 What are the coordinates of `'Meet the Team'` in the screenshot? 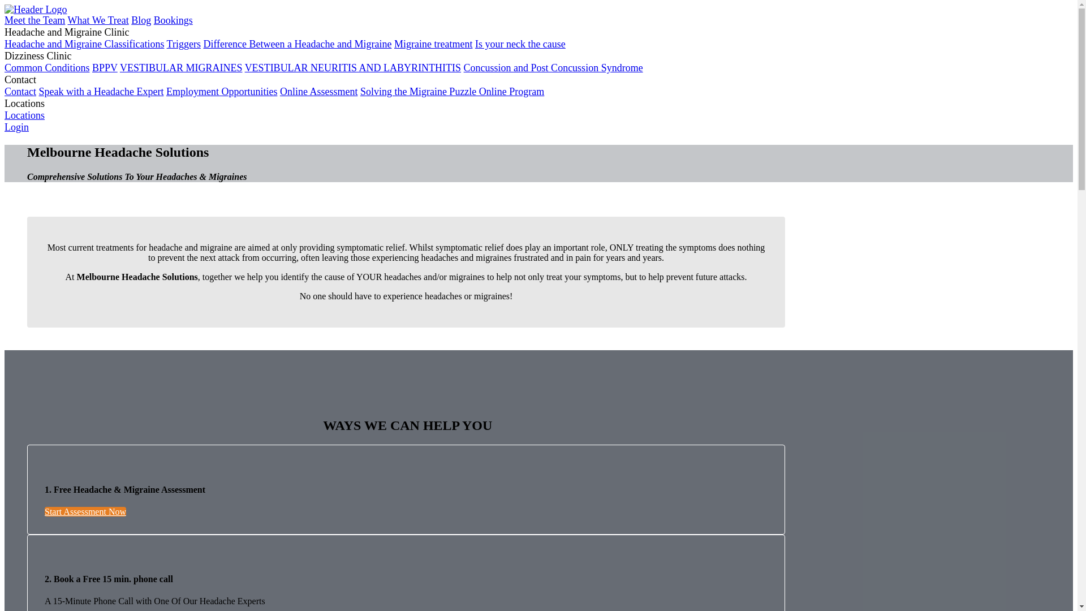 It's located at (35, 20).